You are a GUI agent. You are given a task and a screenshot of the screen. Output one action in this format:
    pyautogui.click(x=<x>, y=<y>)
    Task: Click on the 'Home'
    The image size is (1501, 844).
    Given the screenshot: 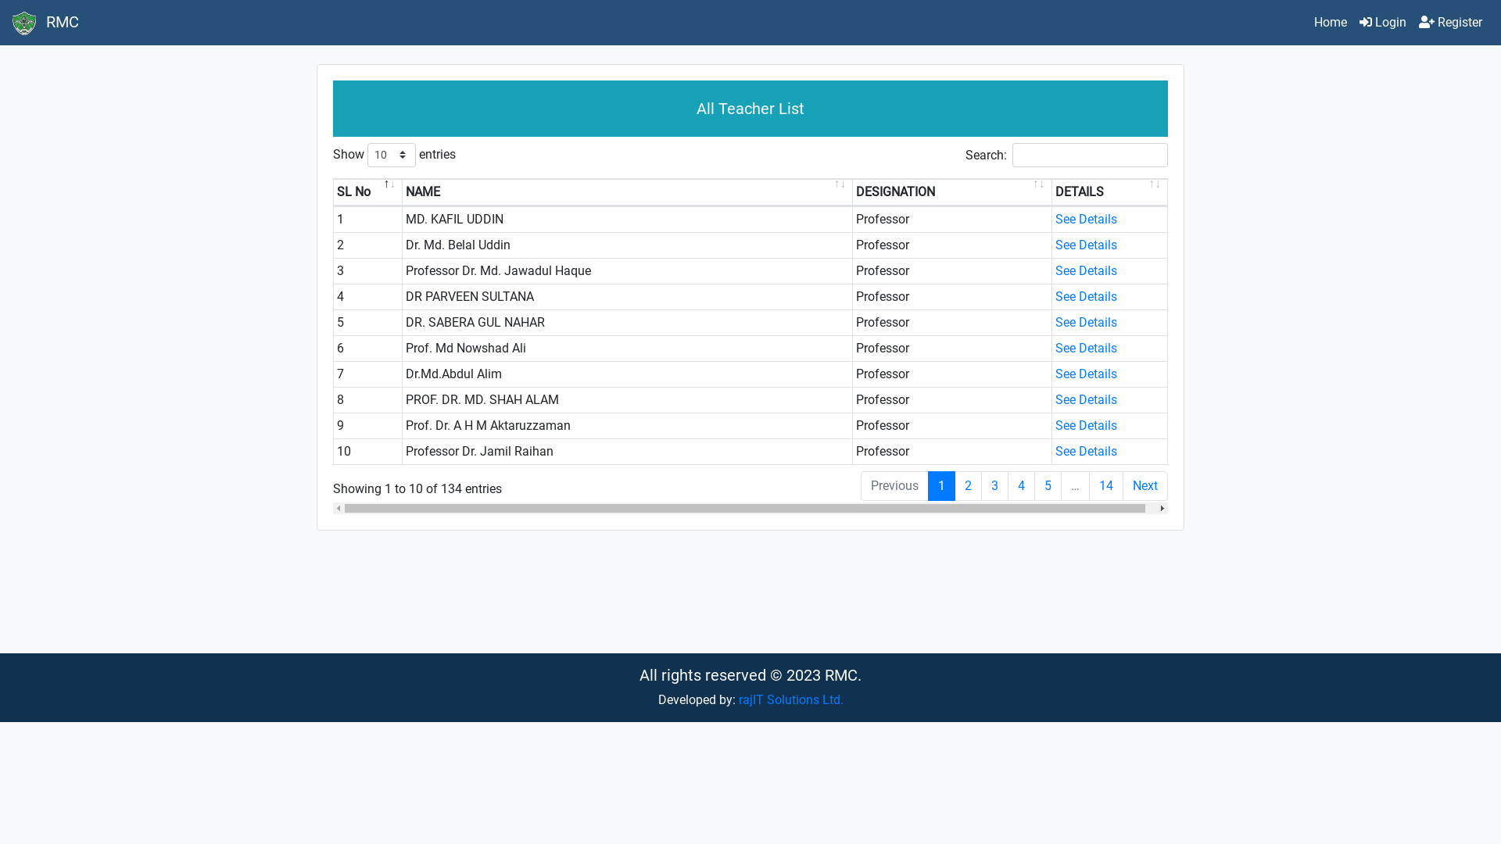 What is the action you would take?
    pyautogui.click(x=1330, y=23)
    